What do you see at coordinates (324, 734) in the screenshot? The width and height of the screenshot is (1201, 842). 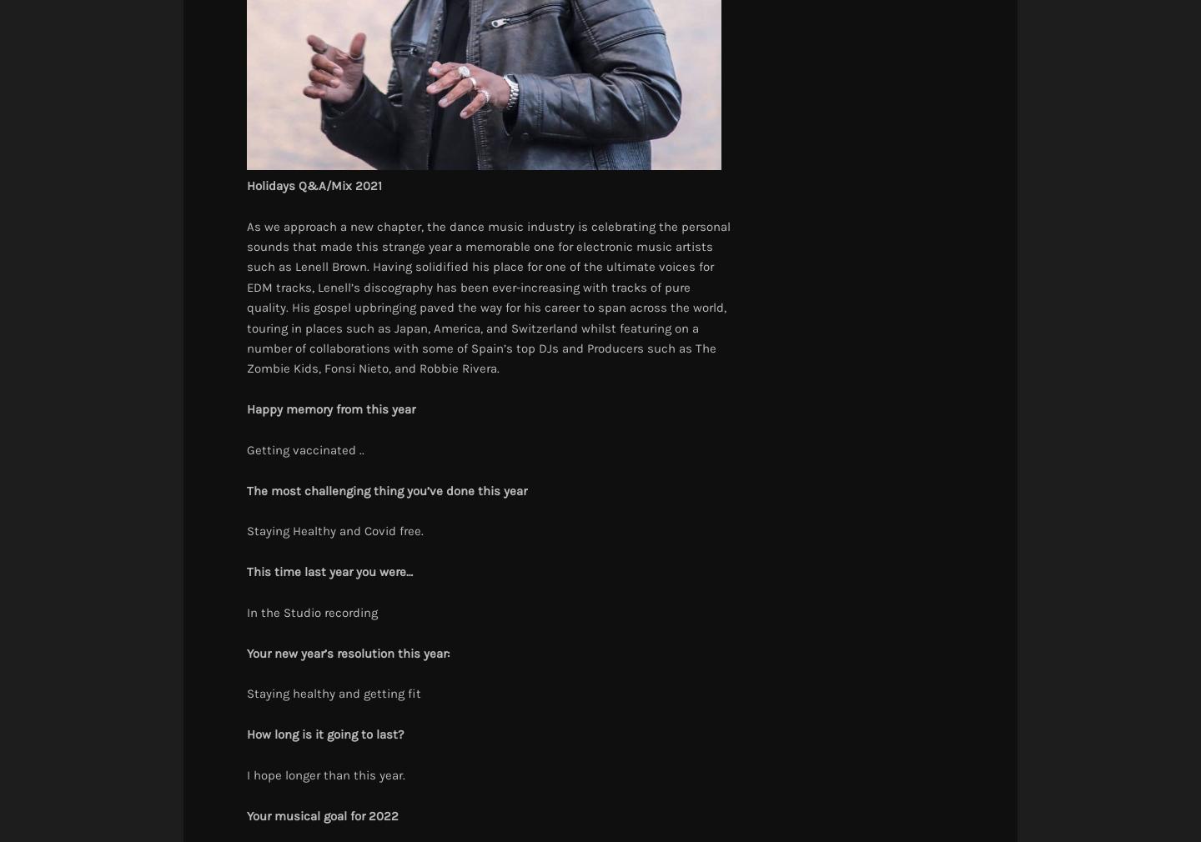 I see `'How long is it going to last?'` at bounding box center [324, 734].